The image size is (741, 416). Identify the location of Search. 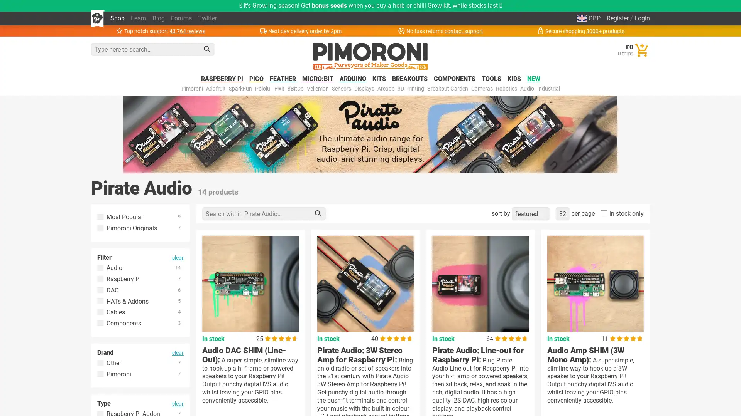
(207, 49).